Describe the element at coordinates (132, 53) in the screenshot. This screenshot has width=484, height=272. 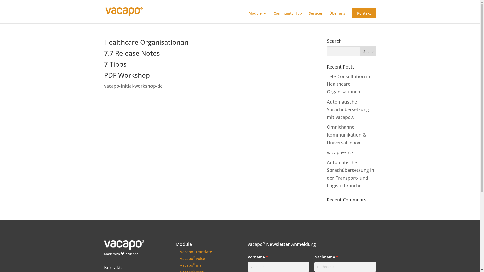
I see `'7.7 Release Notes'` at that location.